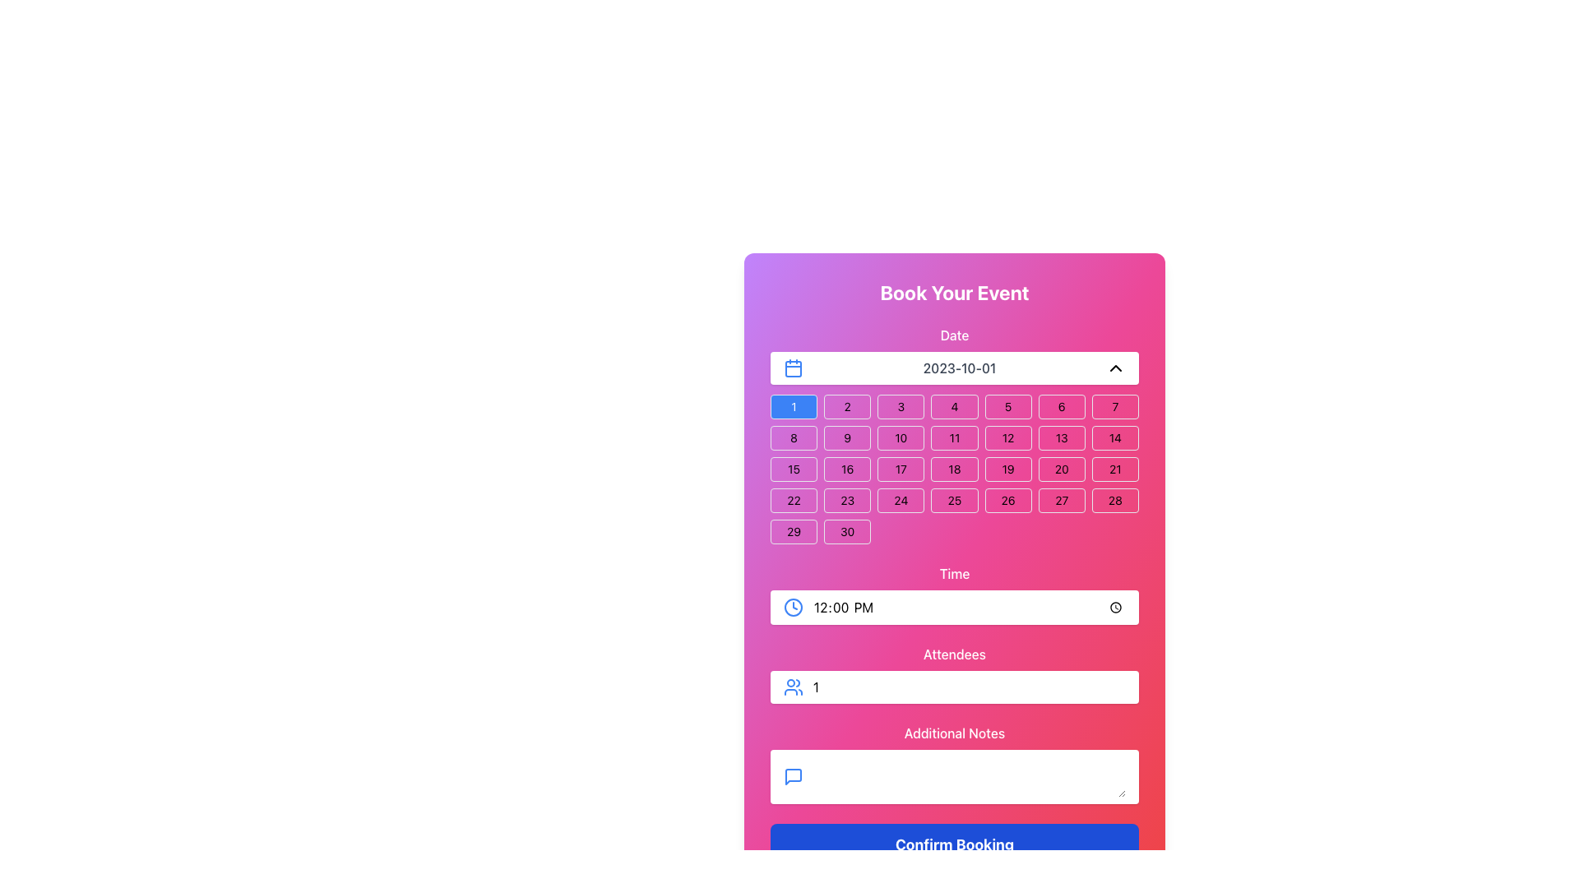 The height and width of the screenshot is (888, 1579). What do you see at coordinates (970, 687) in the screenshot?
I see `the Number Input Field` at bounding box center [970, 687].